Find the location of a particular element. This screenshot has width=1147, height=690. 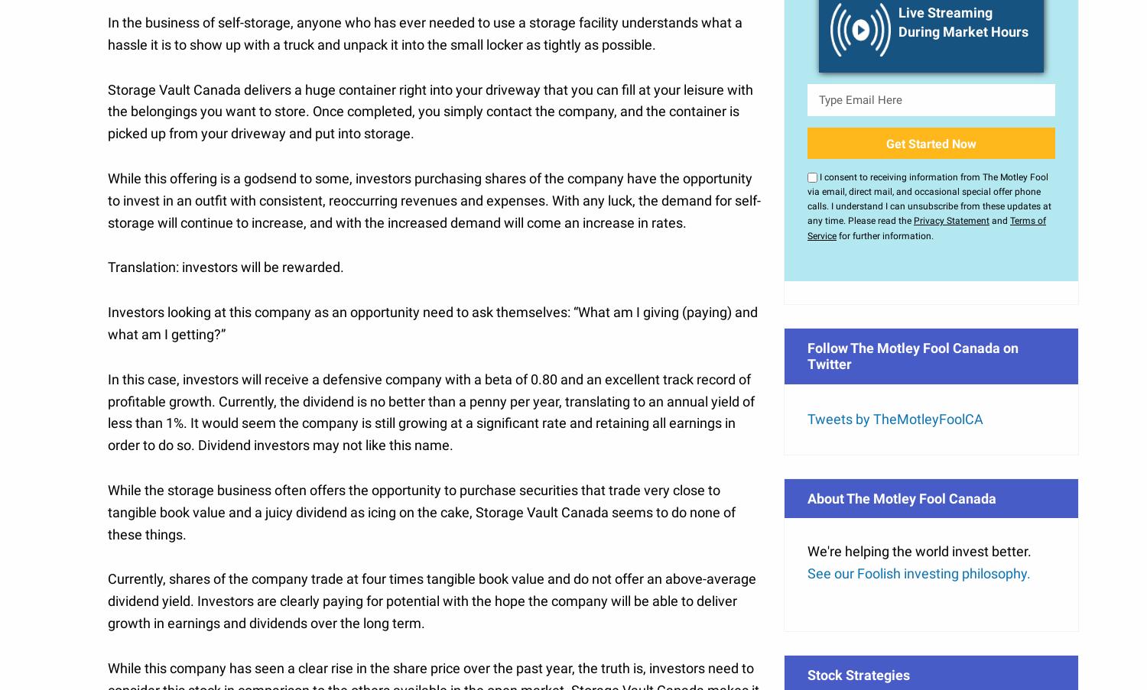

'Stock Advisor' is located at coordinates (830, 371).